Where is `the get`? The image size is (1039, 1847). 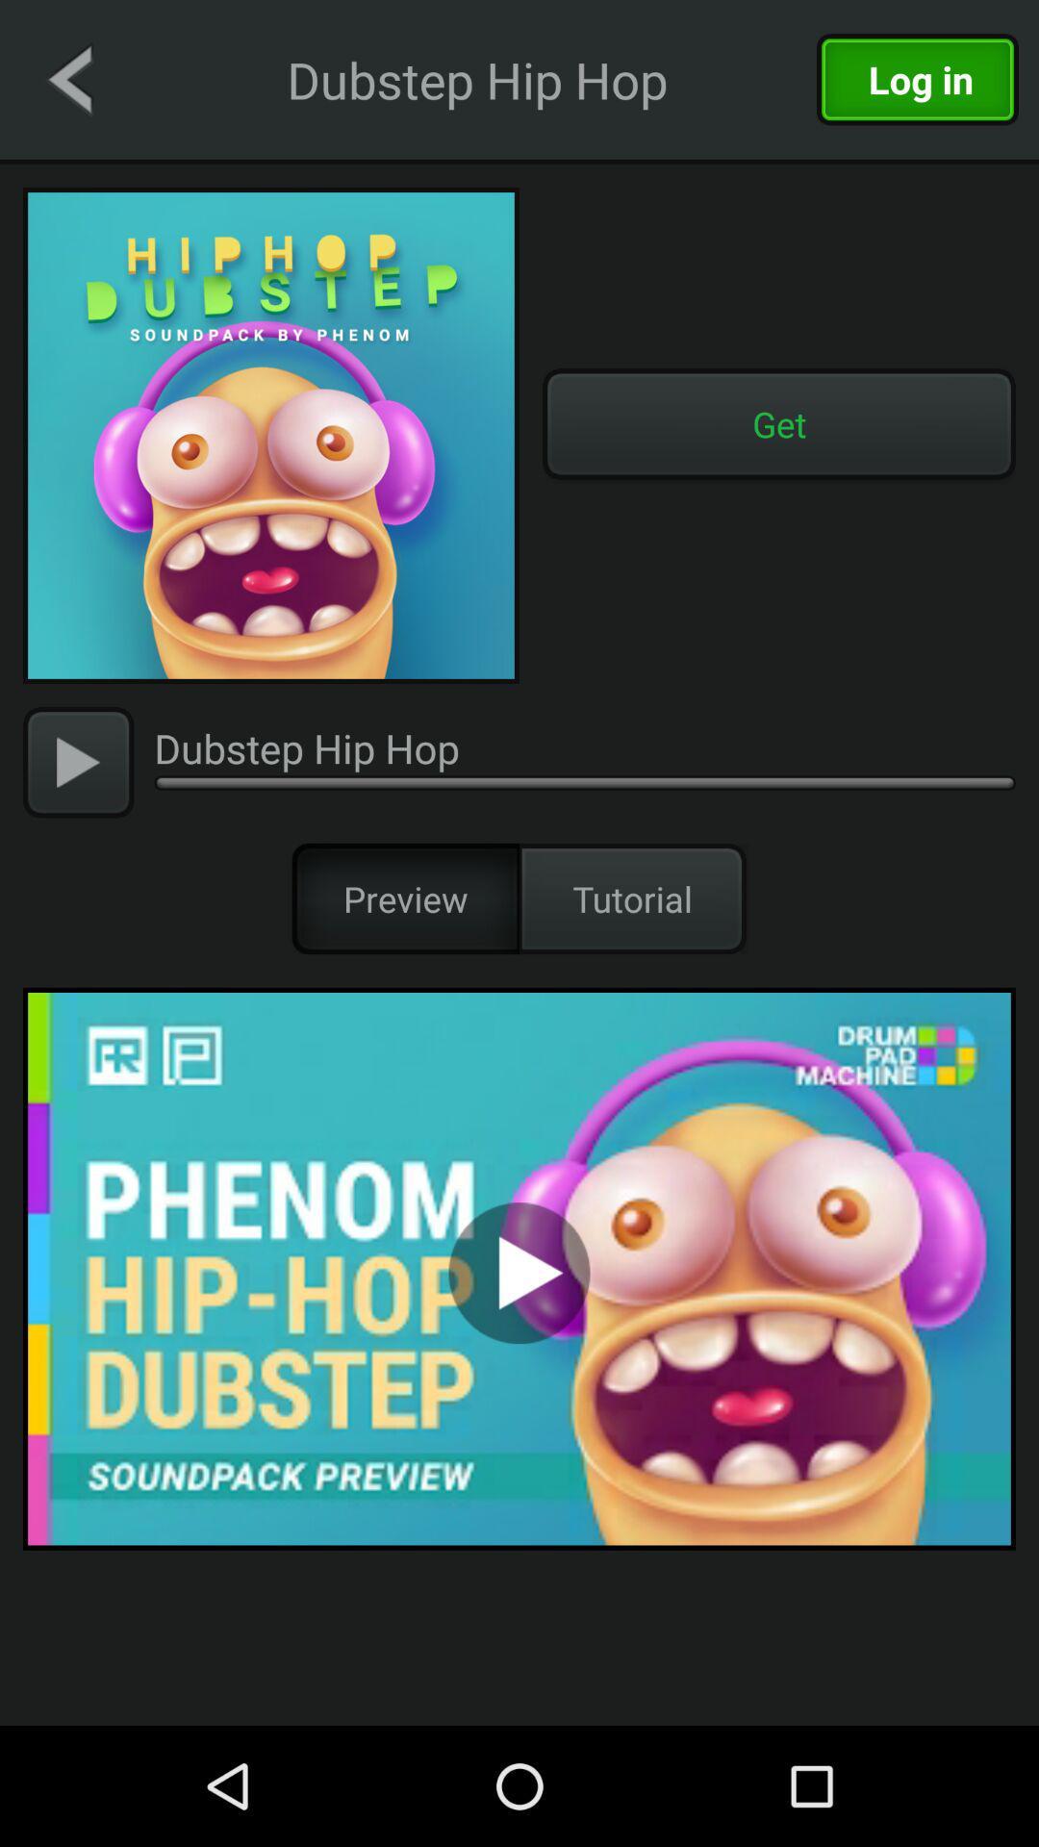
the get is located at coordinates (779, 423).